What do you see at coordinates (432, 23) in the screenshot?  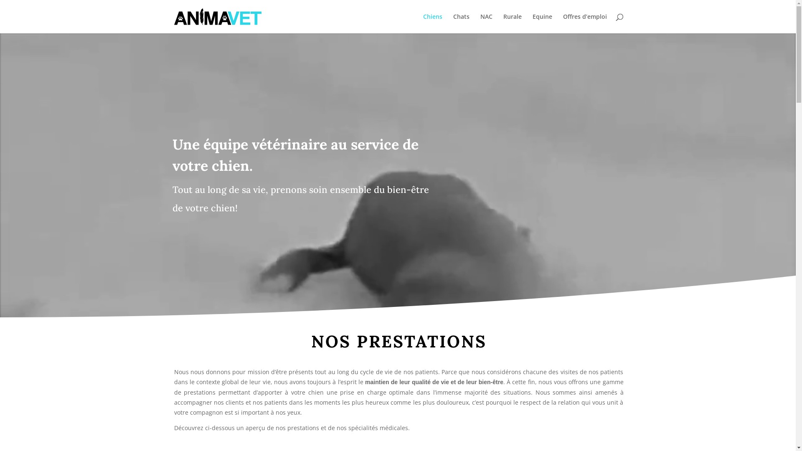 I see `'Chiens'` at bounding box center [432, 23].